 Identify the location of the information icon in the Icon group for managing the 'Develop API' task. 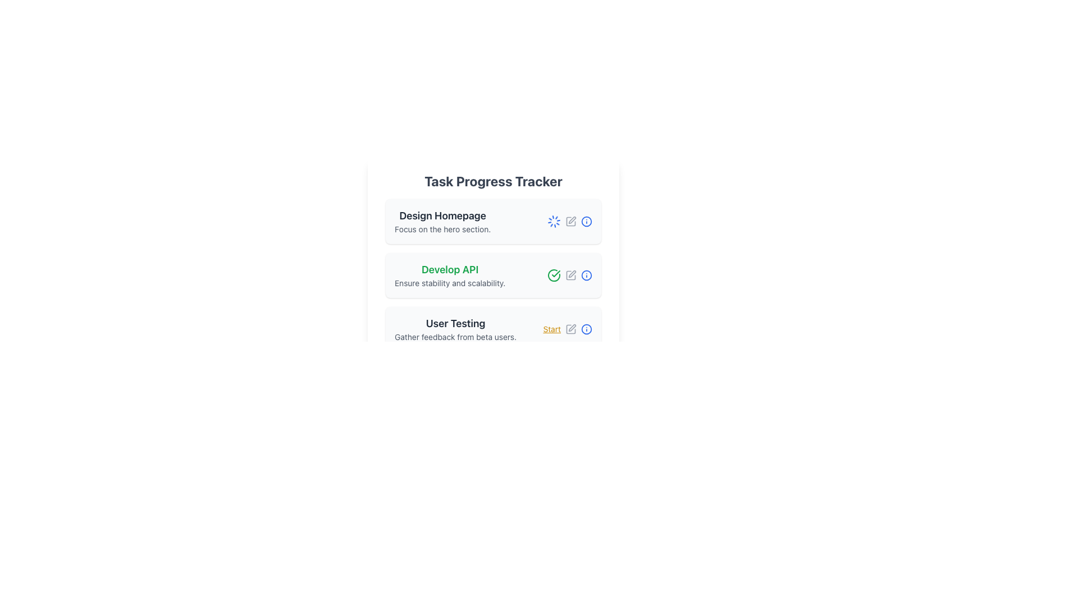
(569, 275).